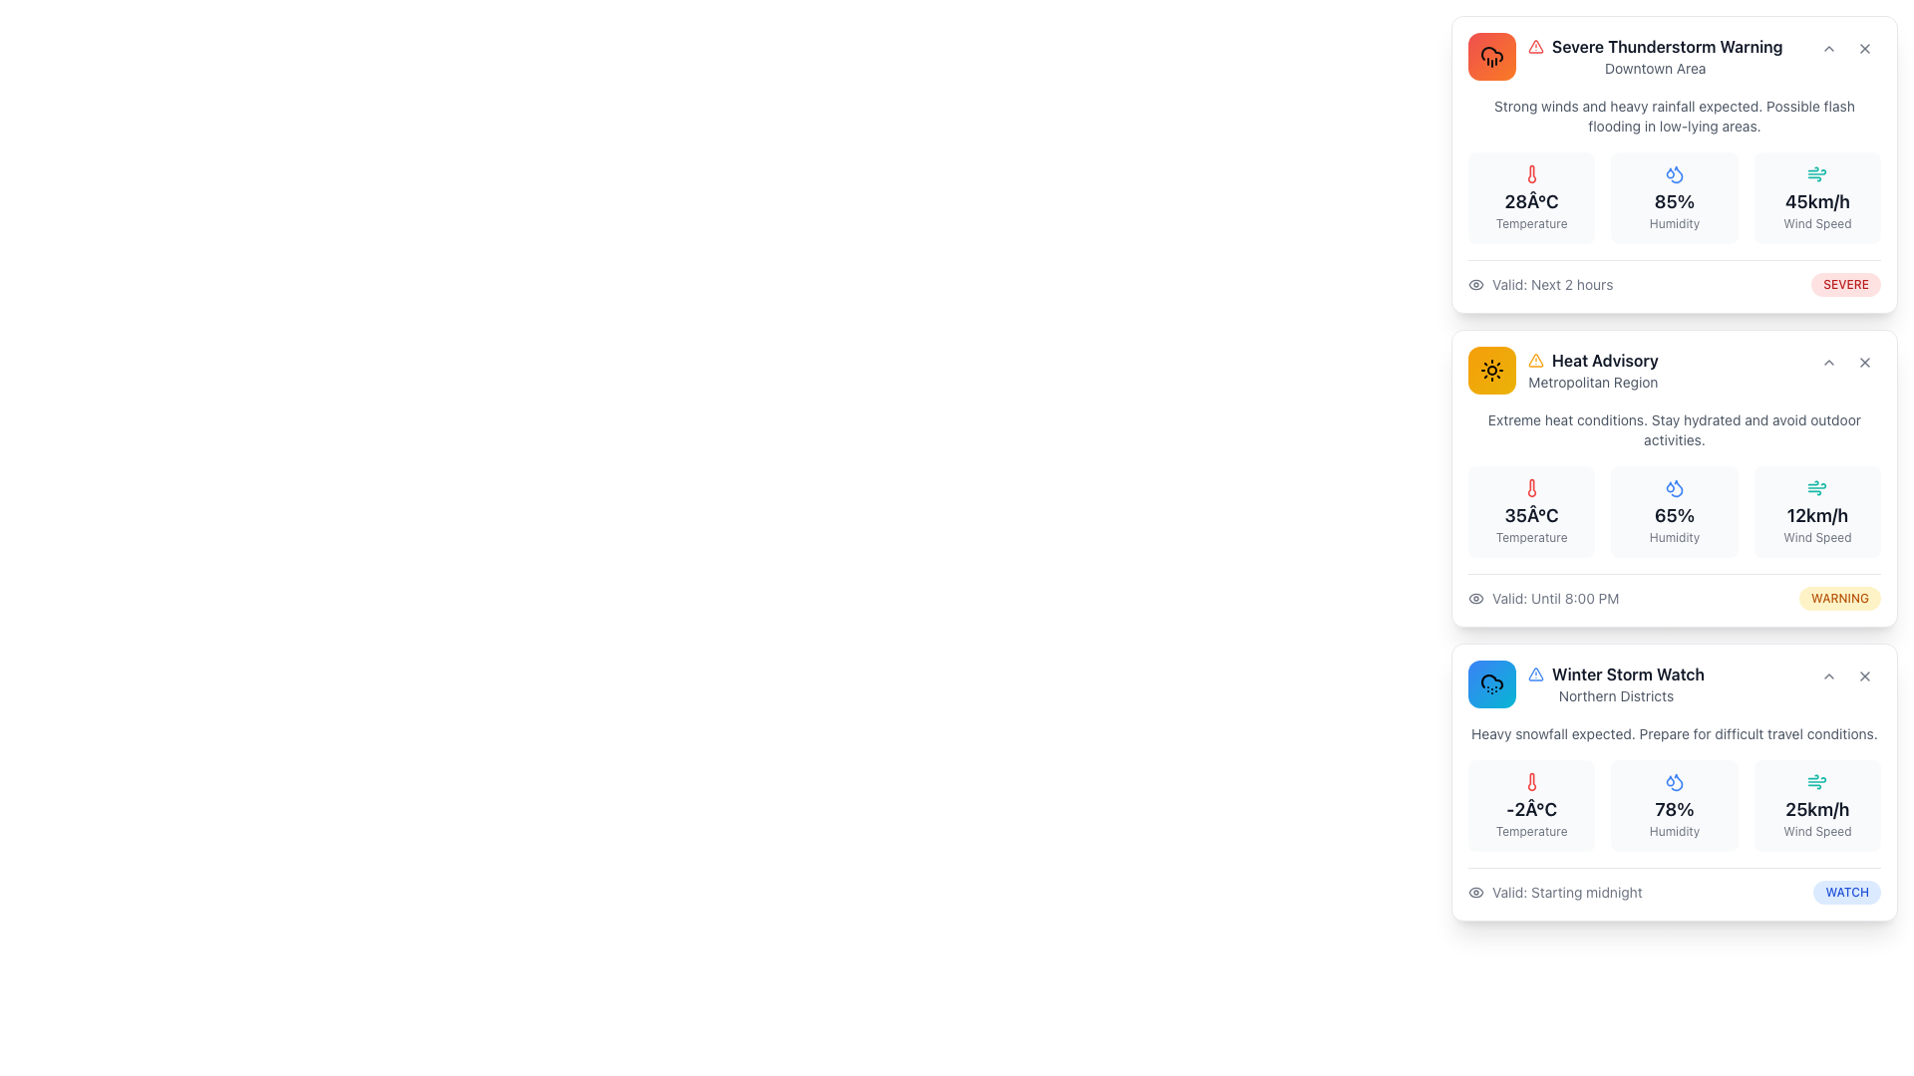 The width and height of the screenshot is (1914, 1076). Describe the element at coordinates (1845, 284) in the screenshot. I see `the badge-style label containing the text 'SEVERE' in bold red font, located at the bottom-right corner of the 'Severe Thunderstorm Warning' card` at that location.